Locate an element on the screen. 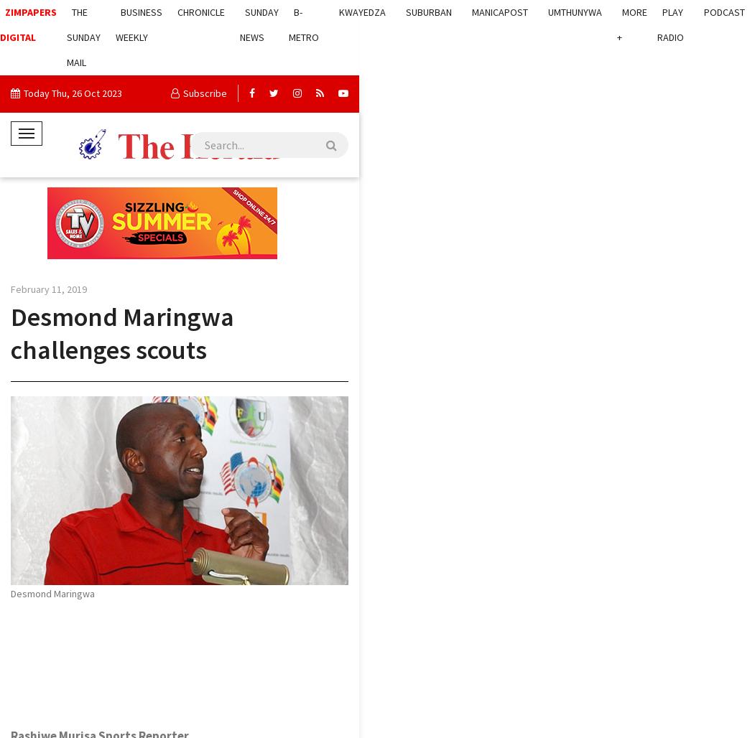 This screenshot has height=738, width=750. 'Subscribe' is located at coordinates (204, 93).